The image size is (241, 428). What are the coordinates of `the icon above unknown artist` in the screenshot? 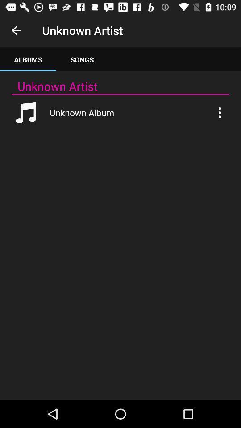 It's located at (82, 59).